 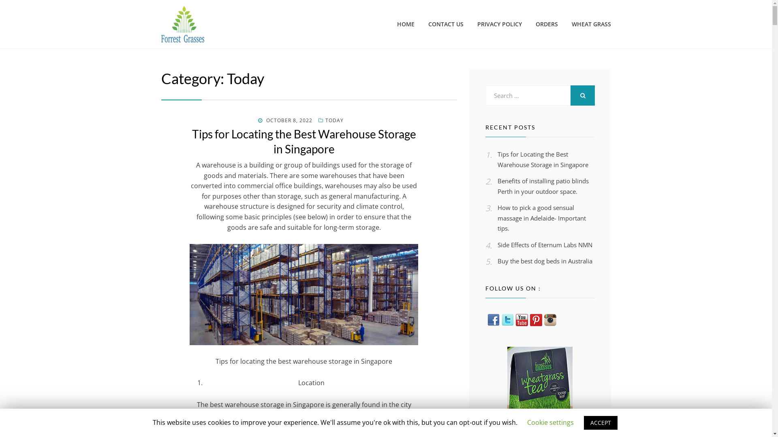 What do you see at coordinates (588, 24) in the screenshot?
I see `'WHEAT GRASS'` at bounding box center [588, 24].